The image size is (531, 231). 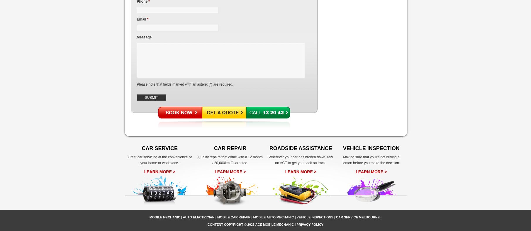 What do you see at coordinates (141, 19) in the screenshot?
I see `'Email'` at bounding box center [141, 19].